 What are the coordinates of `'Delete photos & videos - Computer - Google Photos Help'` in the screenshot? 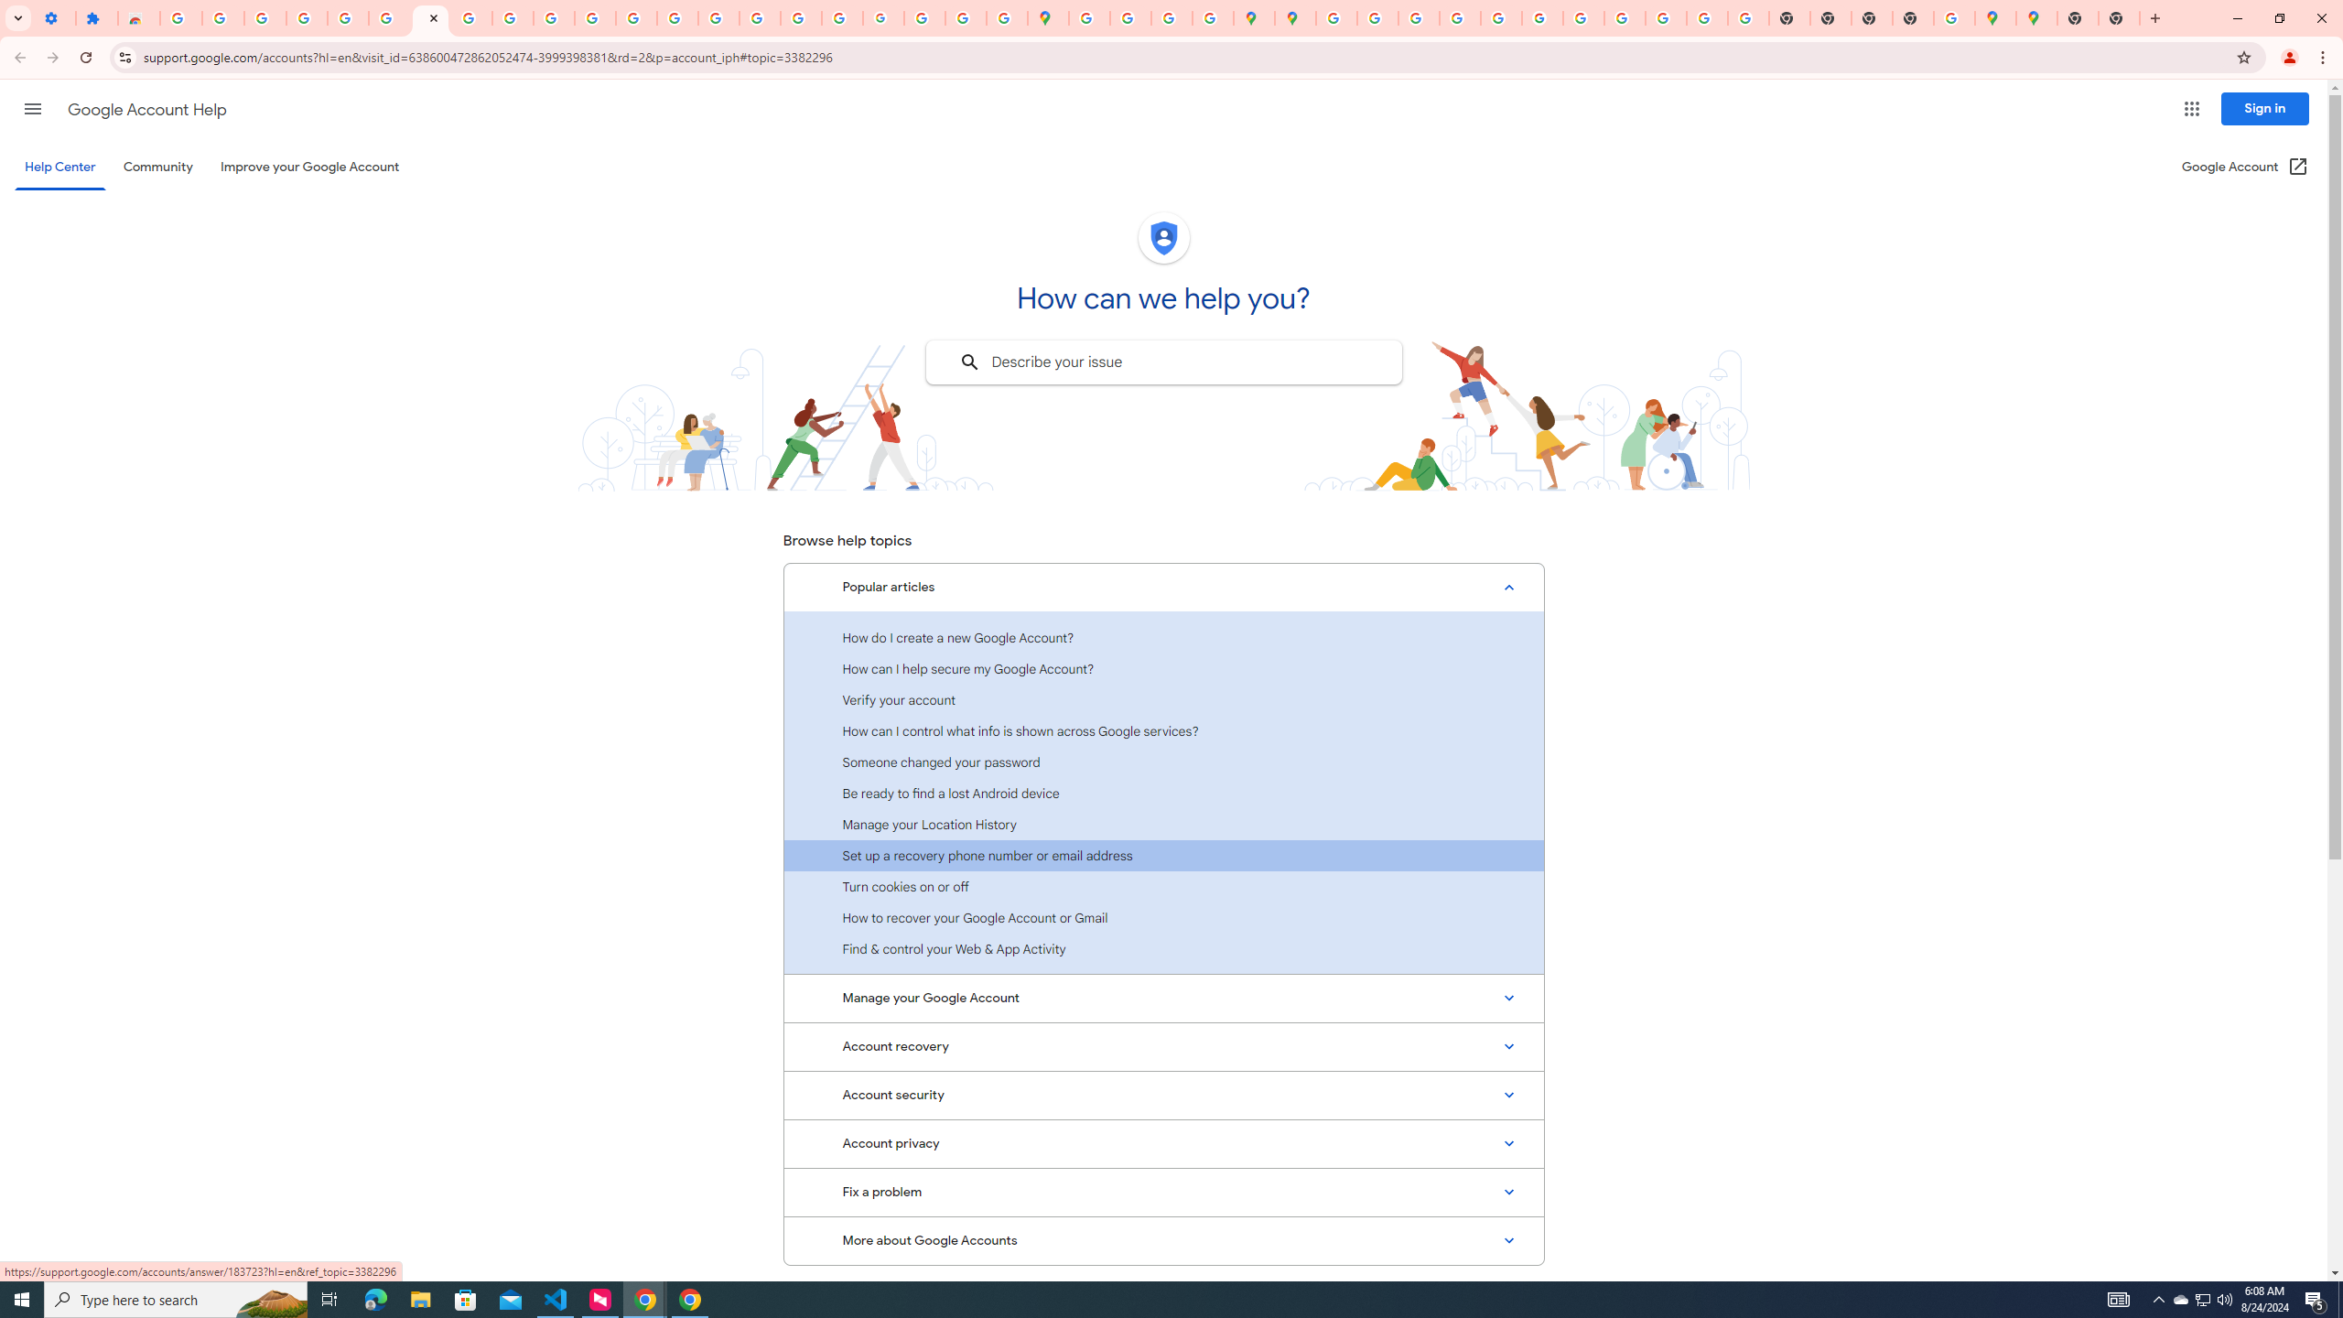 It's located at (223, 17).